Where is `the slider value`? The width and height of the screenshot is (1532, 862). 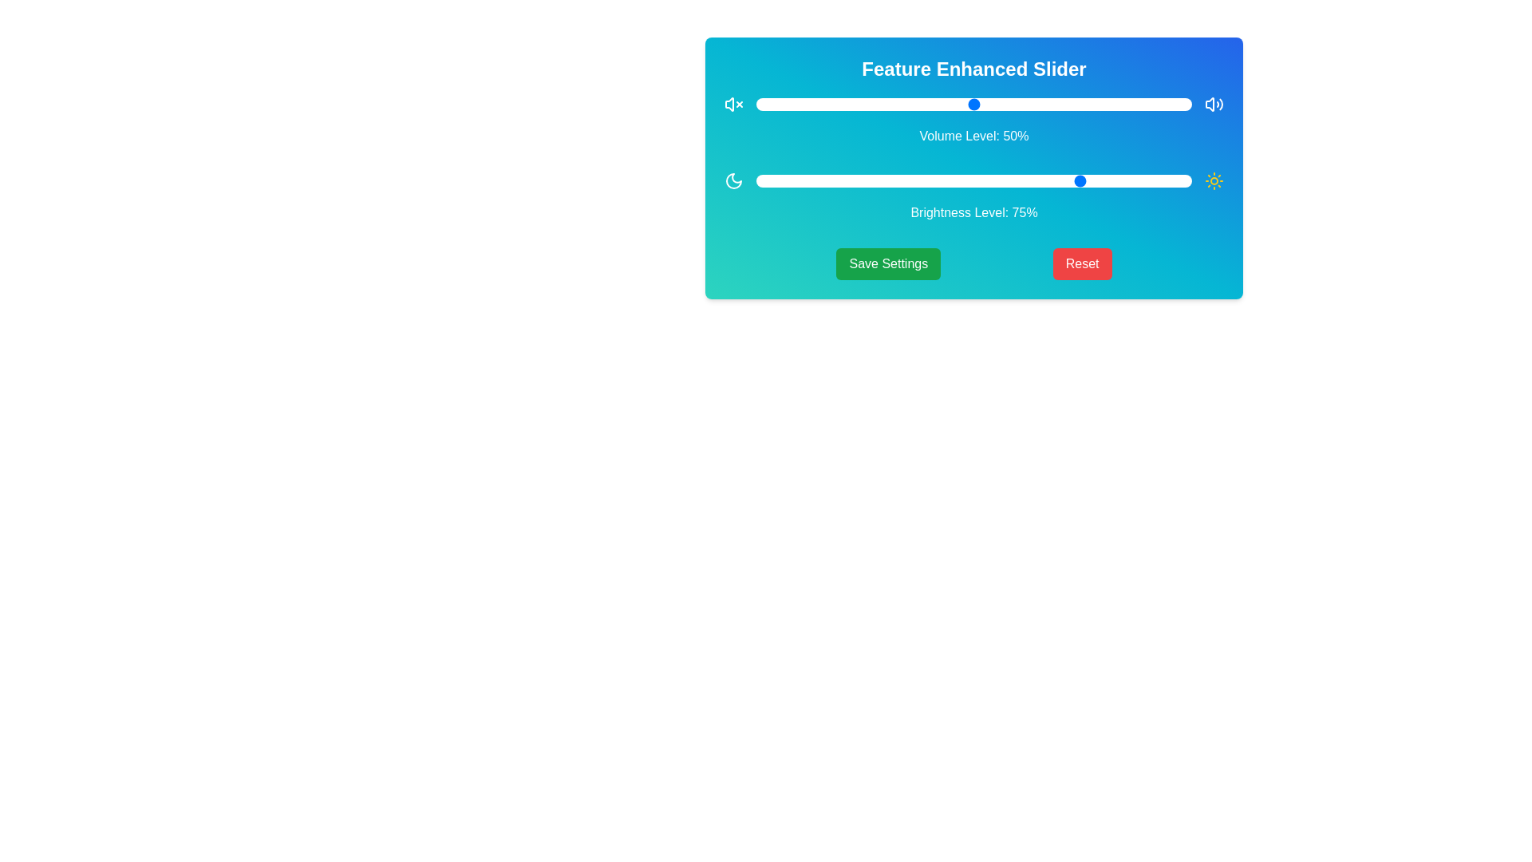 the slider value is located at coordinates (1130, 105).